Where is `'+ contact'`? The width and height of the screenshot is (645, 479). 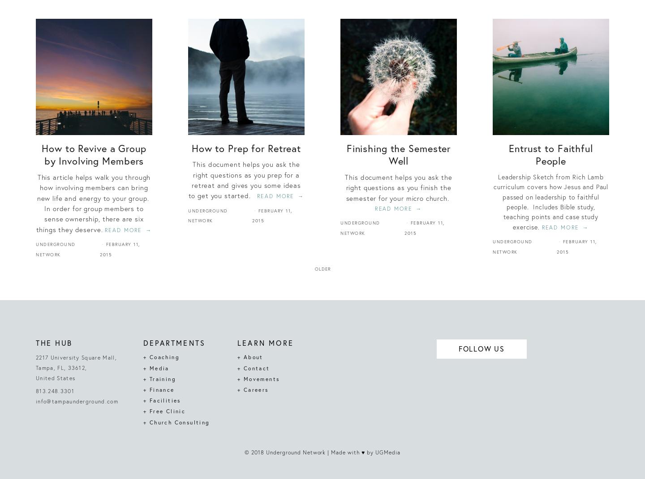 '+ contact' is located at coordinates (254, 367).